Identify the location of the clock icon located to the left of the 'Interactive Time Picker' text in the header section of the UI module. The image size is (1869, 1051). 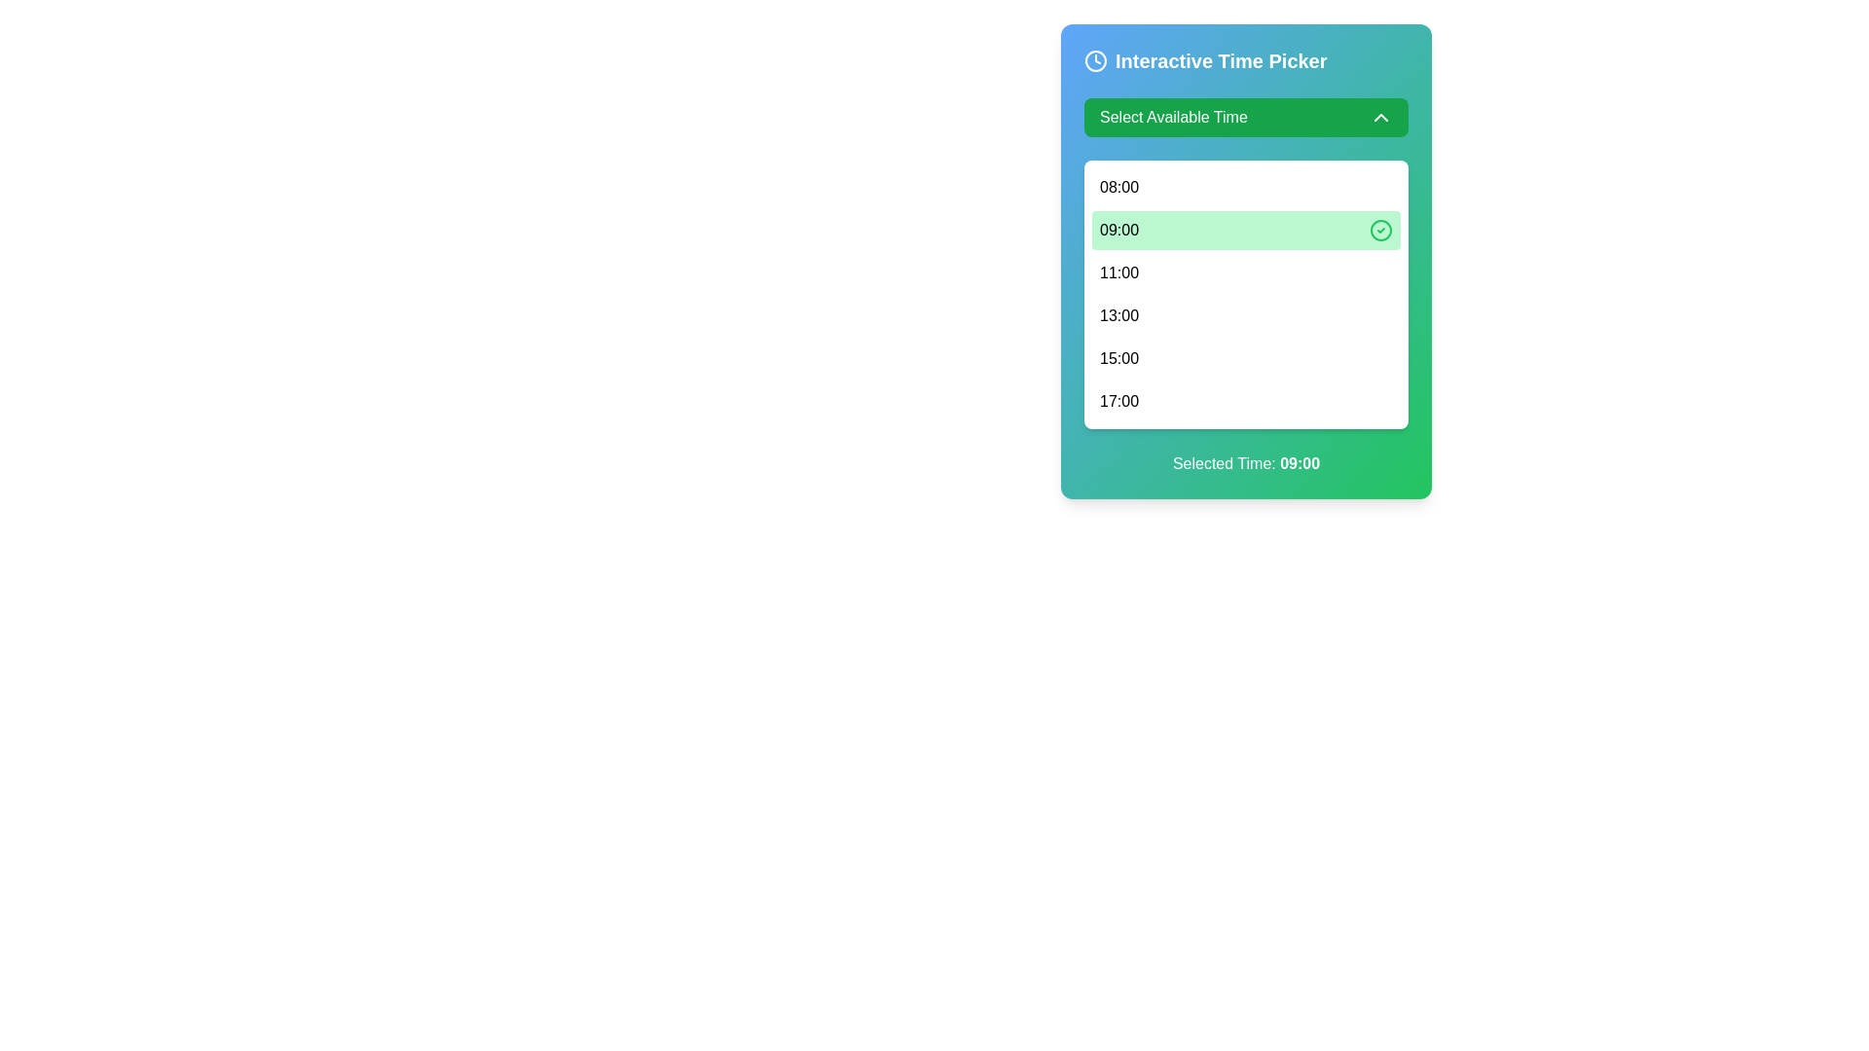
(1096, 59).